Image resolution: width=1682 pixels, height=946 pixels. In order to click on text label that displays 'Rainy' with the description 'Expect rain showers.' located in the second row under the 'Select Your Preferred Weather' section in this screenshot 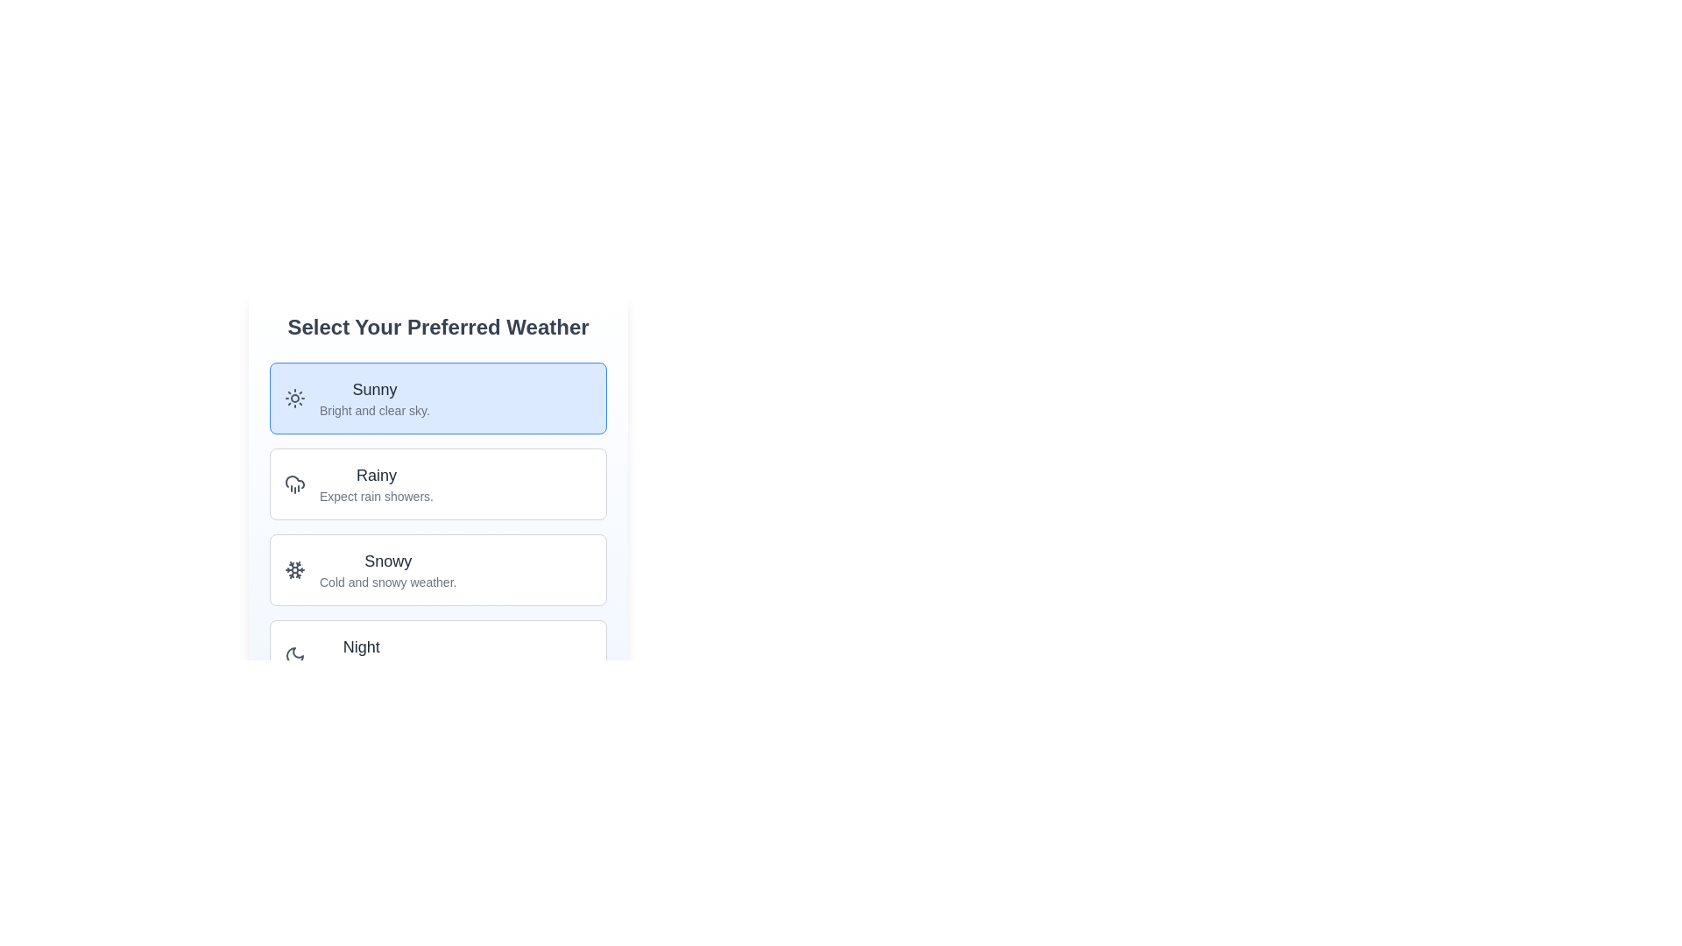, I will do `click(375, 484)`.